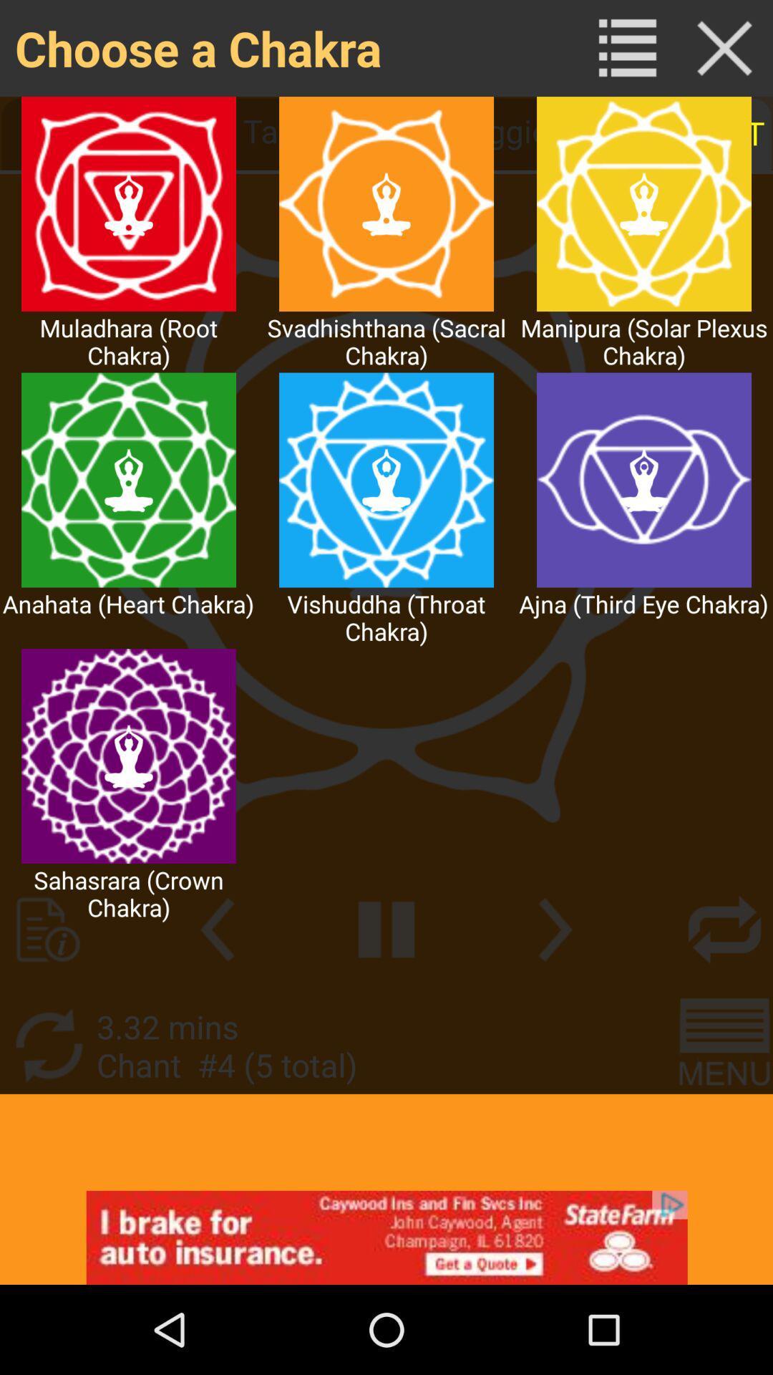 Image resolution: width=773 pixels, height=1375 pixels. Describe the element at coordinates (555, 994) in the screenshot. I see `the arrow_forward icon` at that location.